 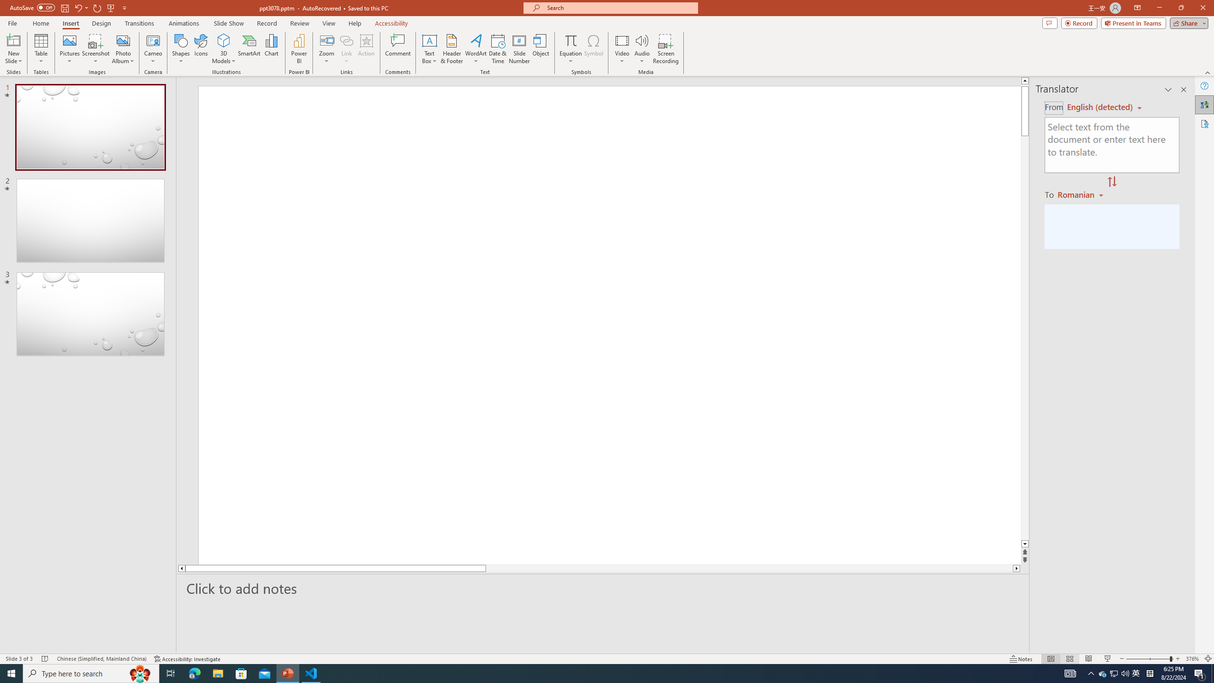 I want to click on 'Slide Number', so click(x=519, y=49).